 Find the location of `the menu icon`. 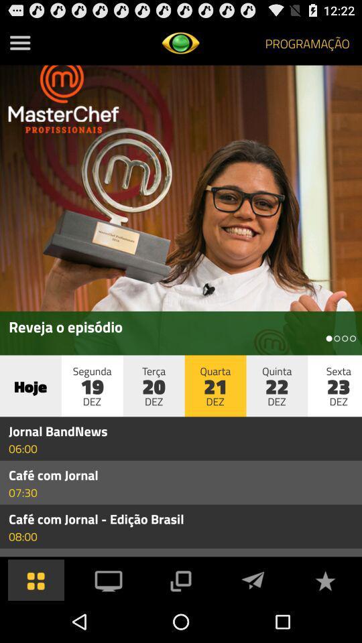

the menu icon is located at coordinates (19, 46).